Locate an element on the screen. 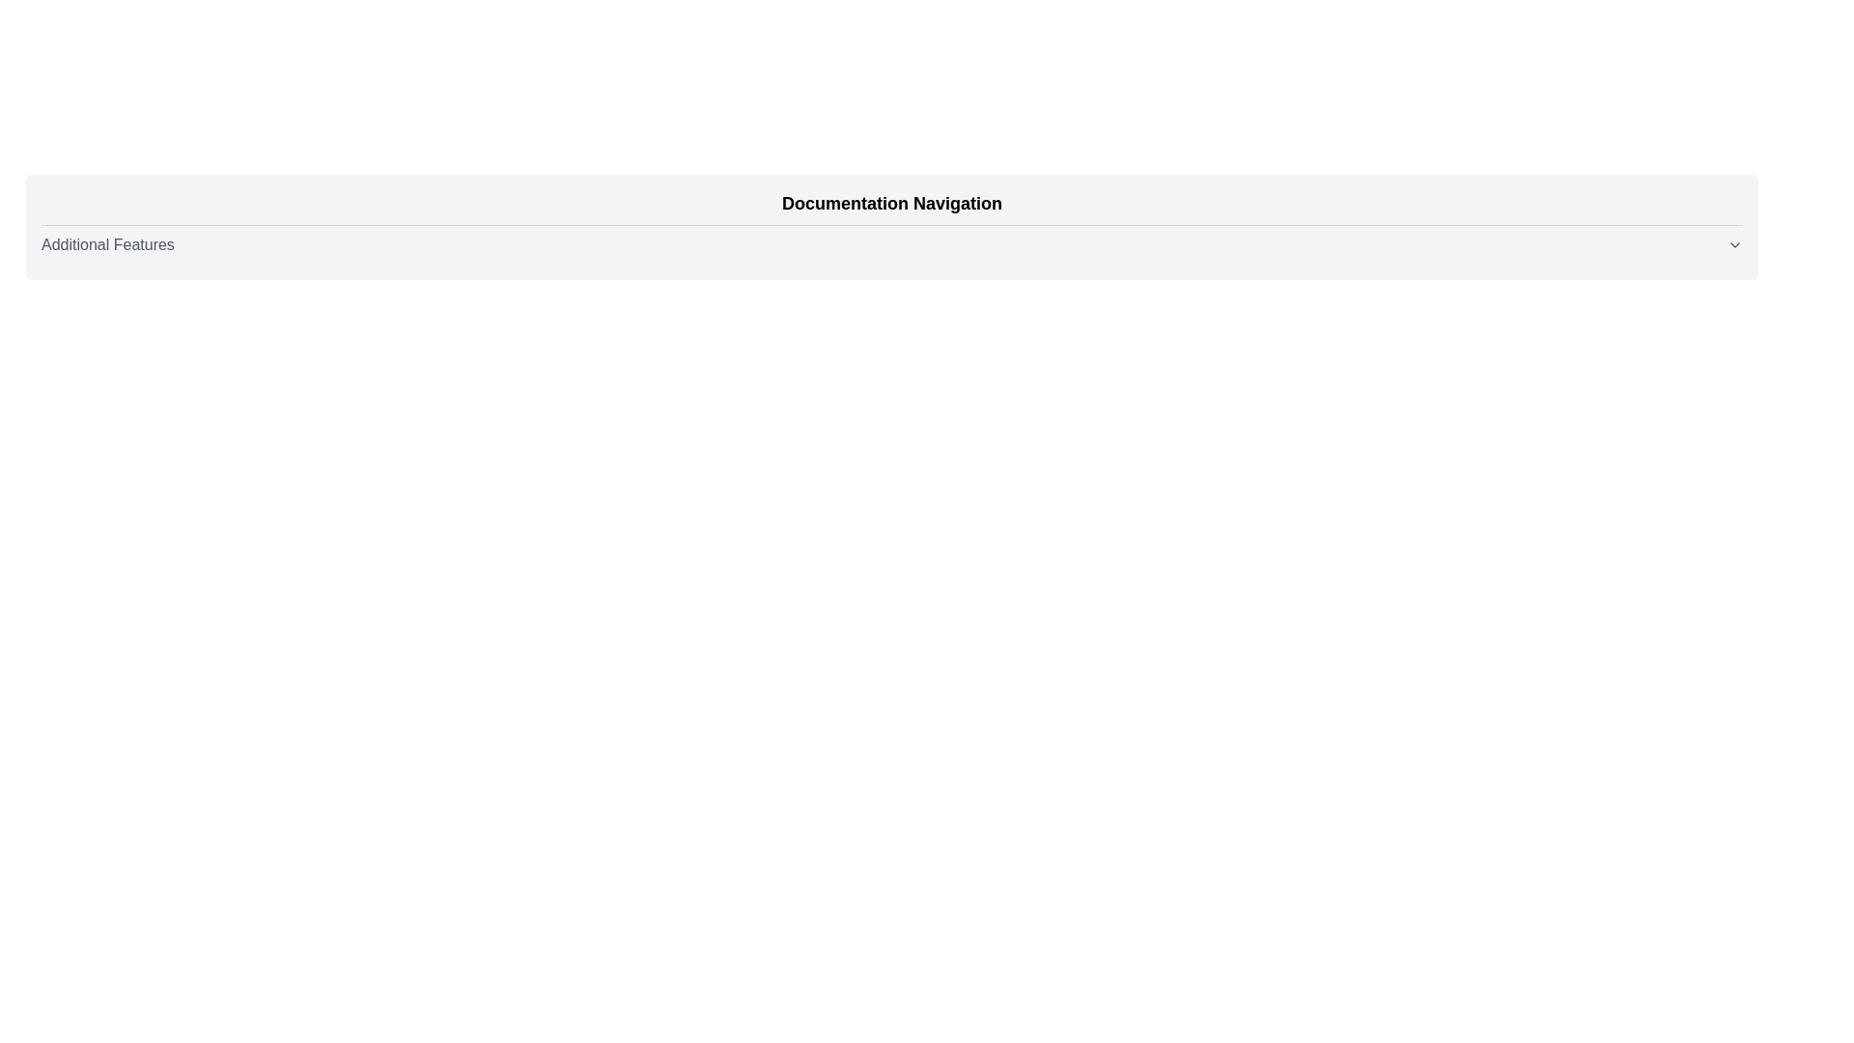 Image resolution: width=1854 pixels, height=1043 pixels. the toggle icon located at the rightmost end of the 'Additional Features' horizontal bar is located at coordinates (1734, 244).